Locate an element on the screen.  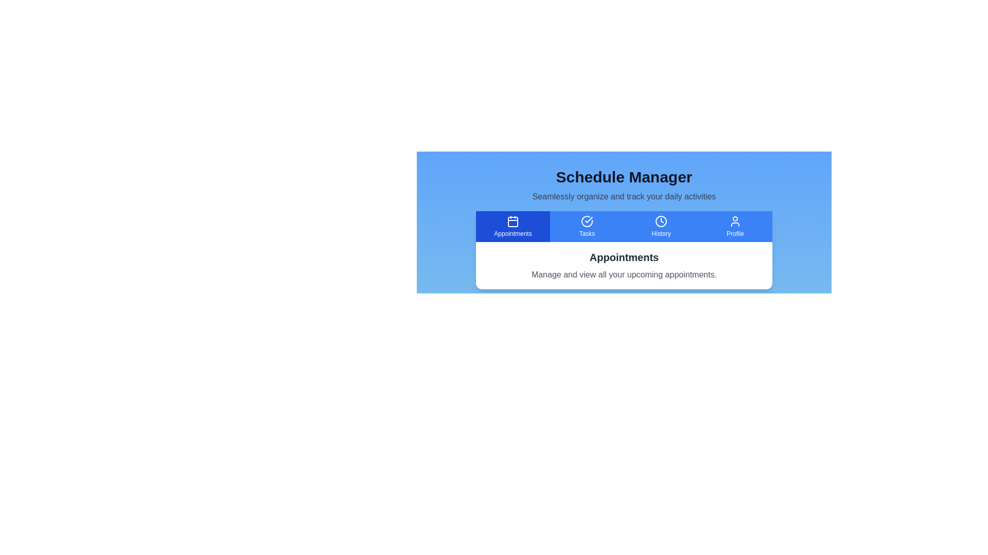
information displayed in the light gray text label that says 'Seamlessly organize and track your daily activities', which is located directly under the bold heading 'Schedule Manager' is located at coordinates (624, 196).